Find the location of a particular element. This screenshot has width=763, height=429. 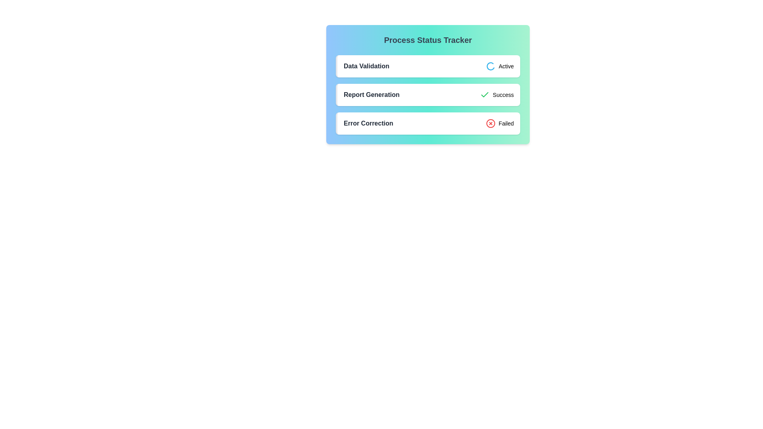

the loading state icon representing the ongoing Data Validation process, which is located in the Data Validation row adjacent to the Active status label is located at coordinates (490, 66).